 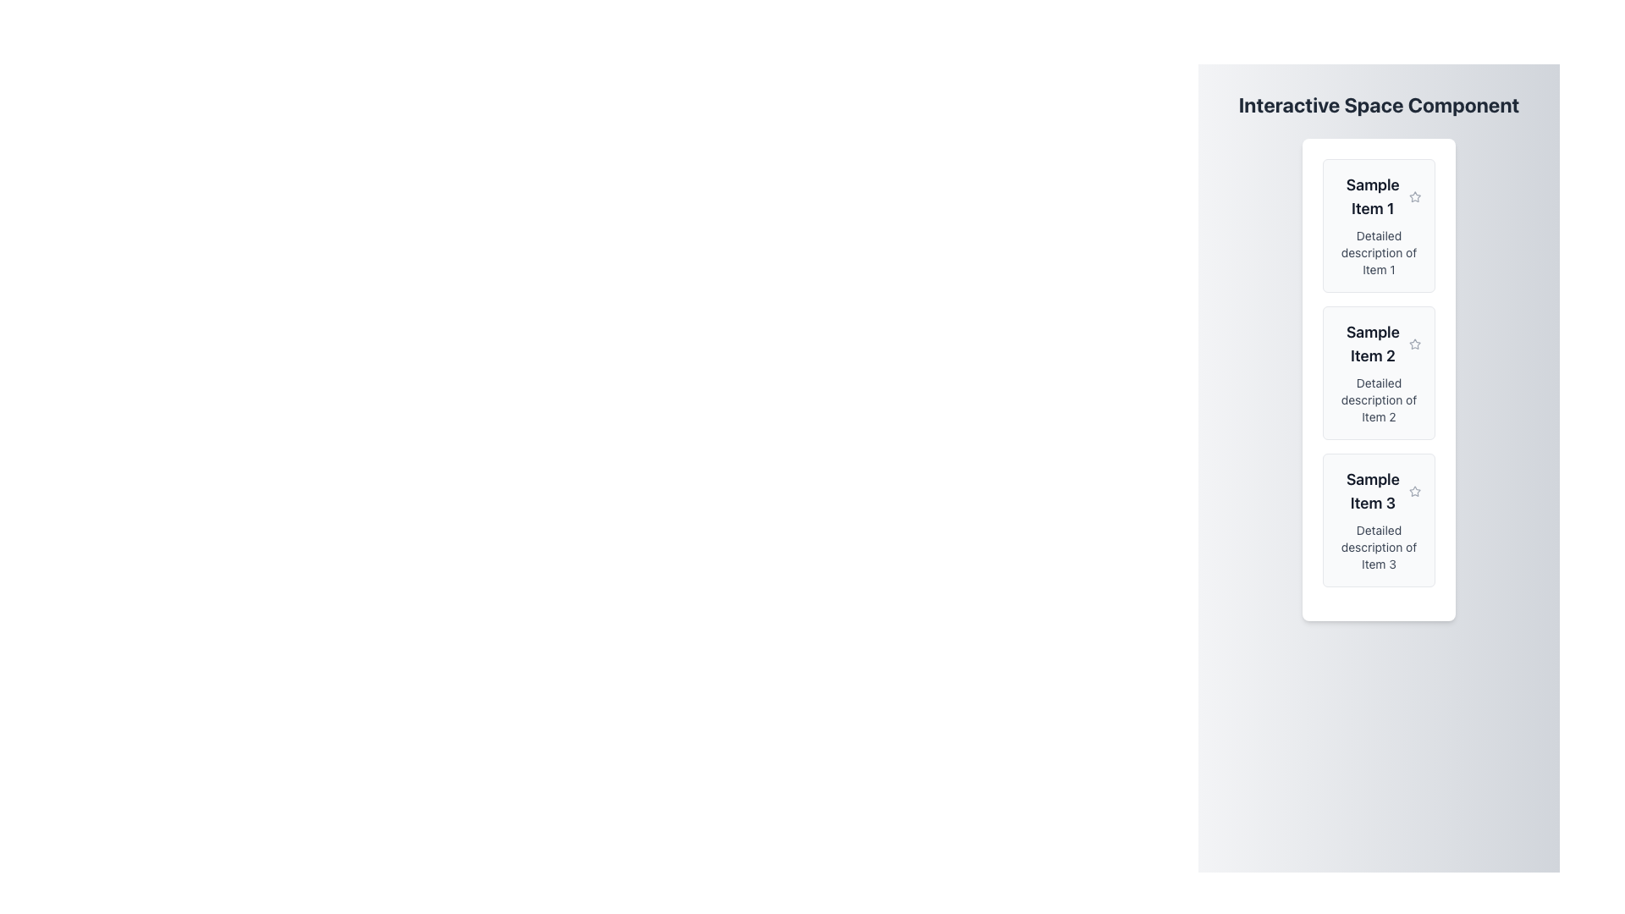 What do you see at coordinates (1414, 195) in the screenshot?
I see `the hollow star-shaped icon in gray located to the right of 'Sample Item 1' in the first information card` at bounding box center [1414, 195].